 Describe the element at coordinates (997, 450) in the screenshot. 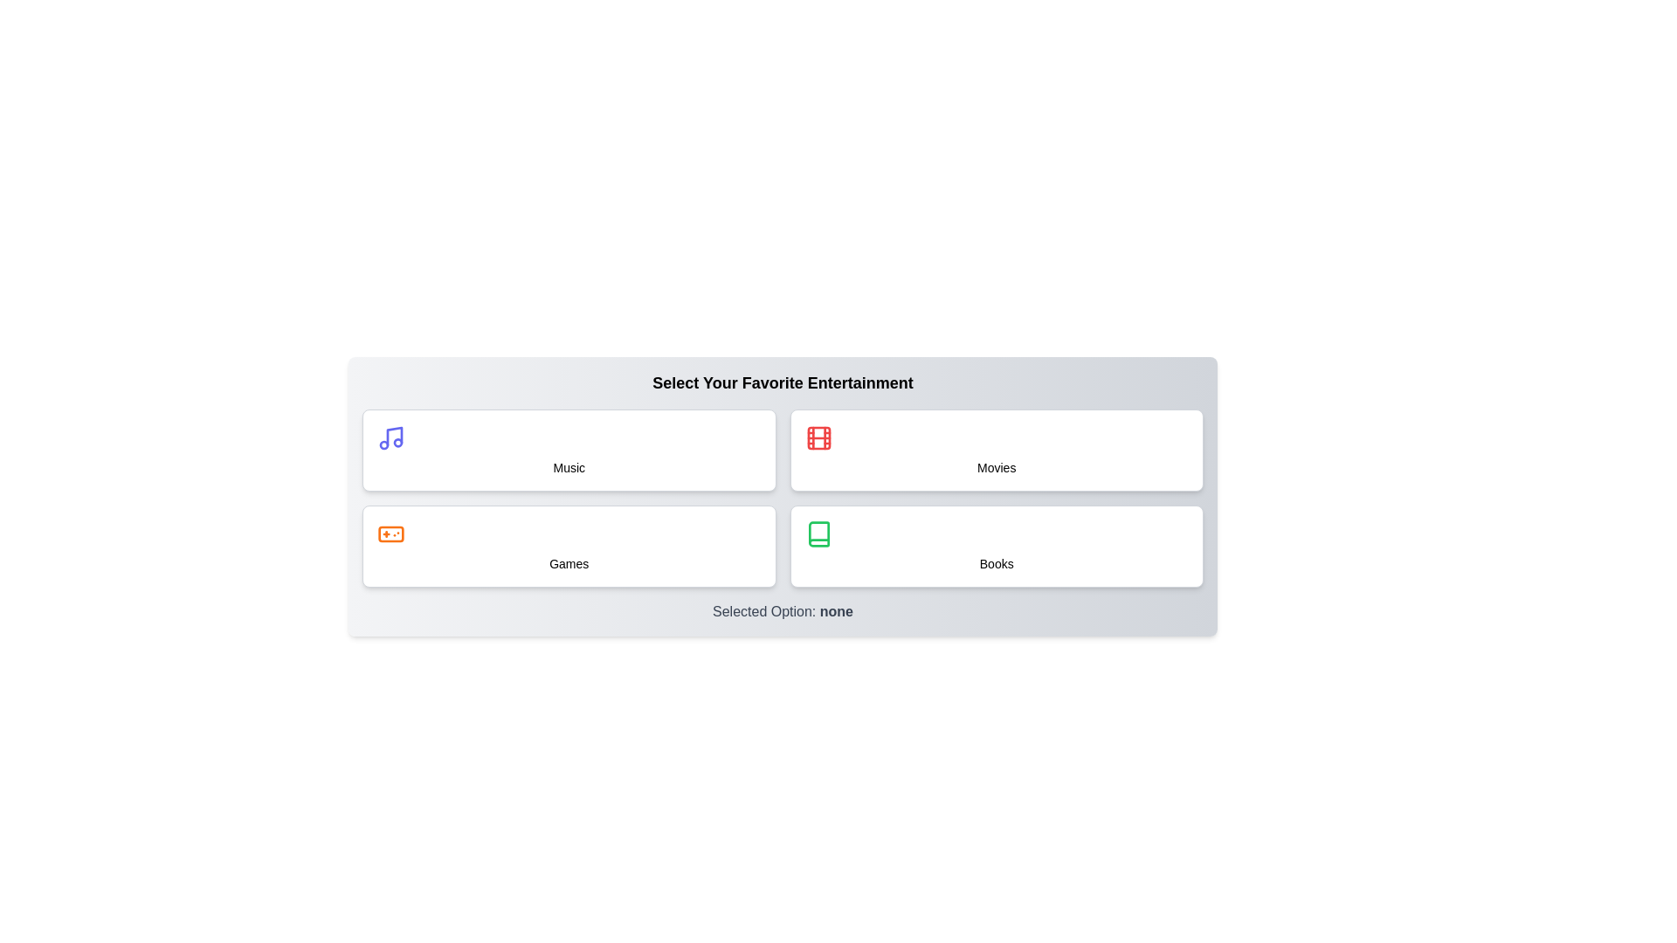

I see `the button labeled Movies` at that location.